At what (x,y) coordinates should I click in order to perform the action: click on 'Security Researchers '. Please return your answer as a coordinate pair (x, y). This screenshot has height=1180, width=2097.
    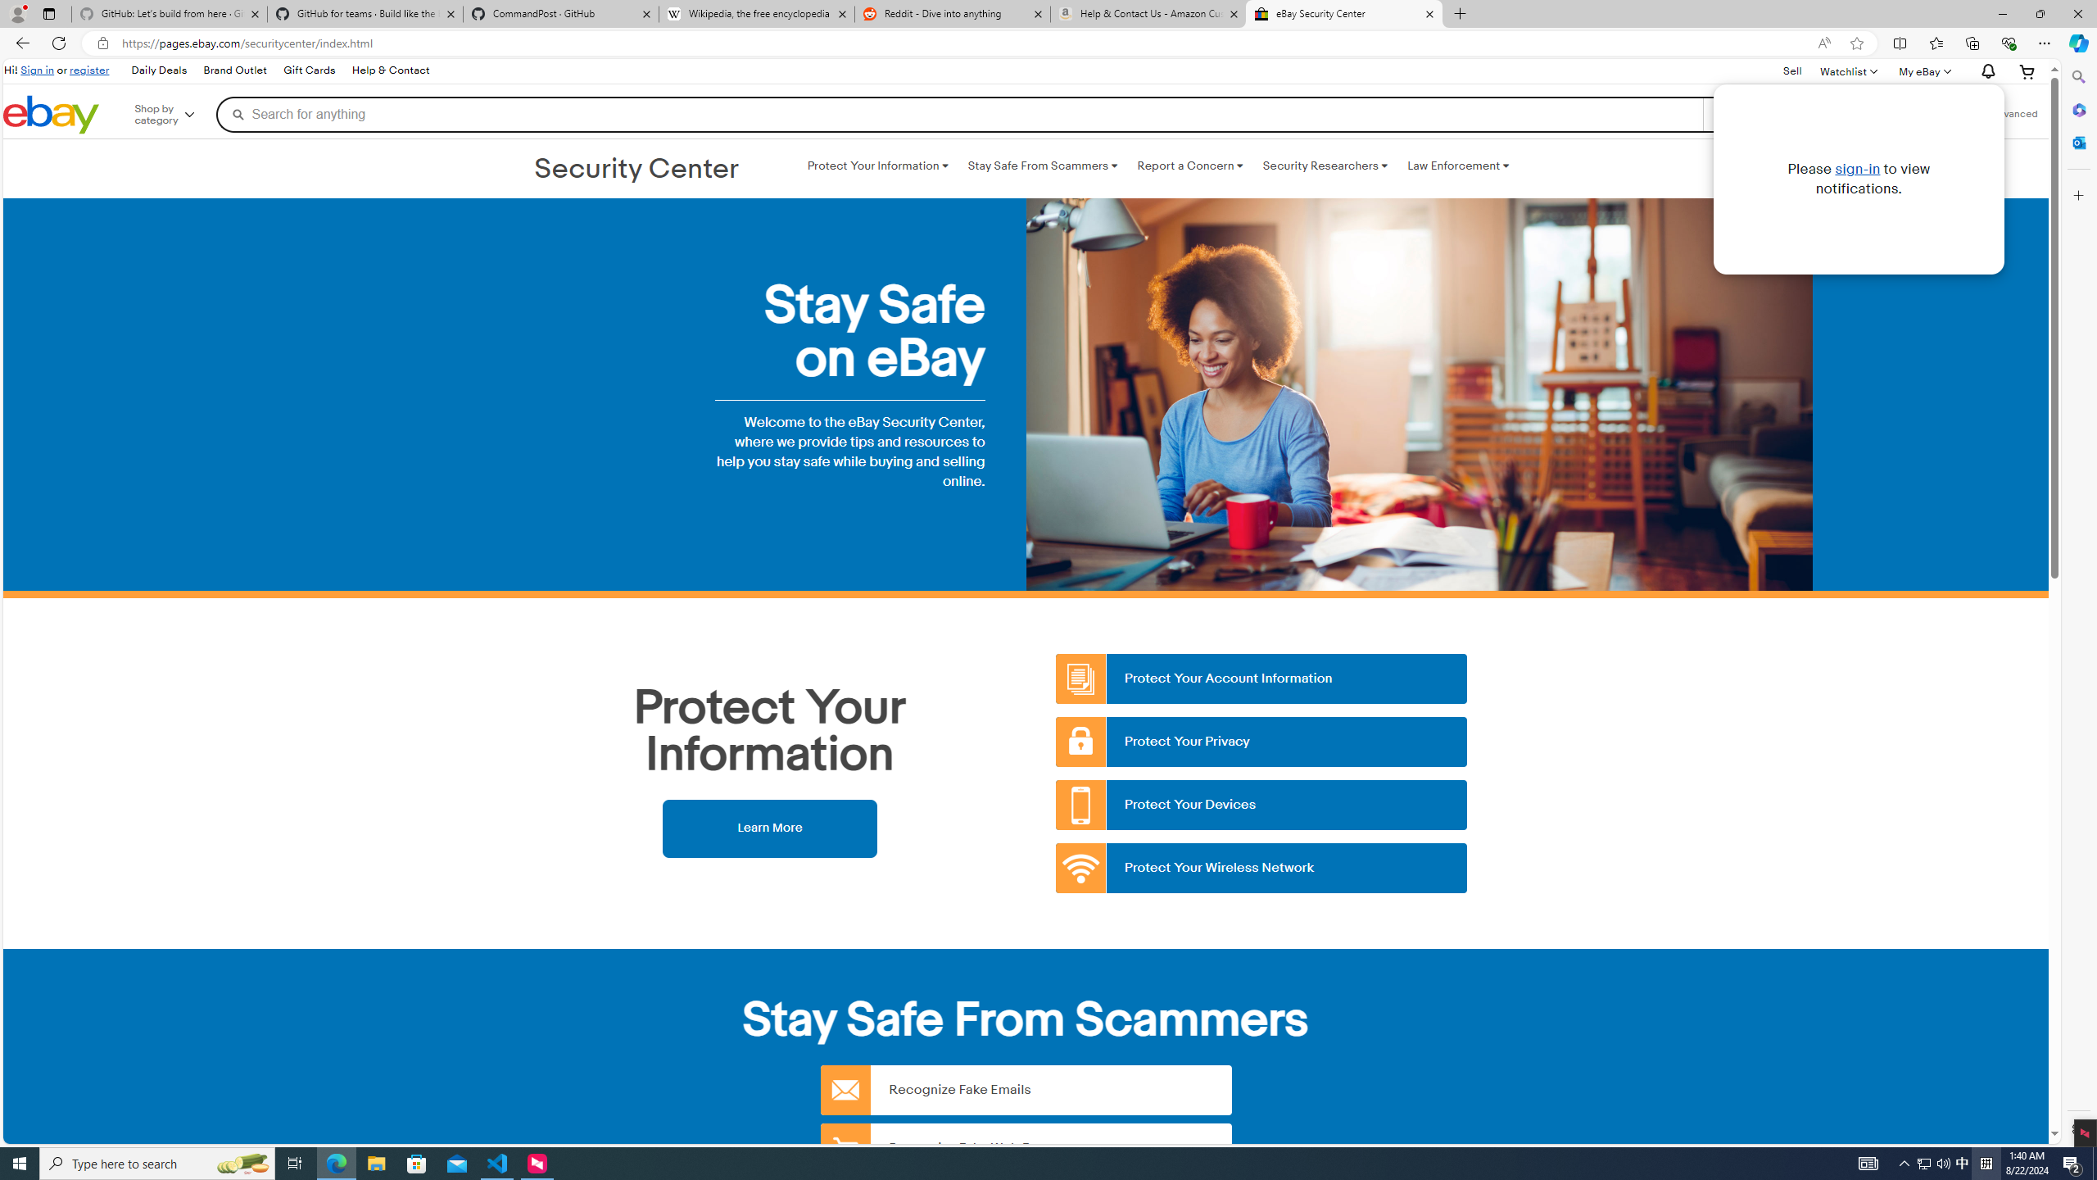
    Looking at the image, I should click on (1325, 166).